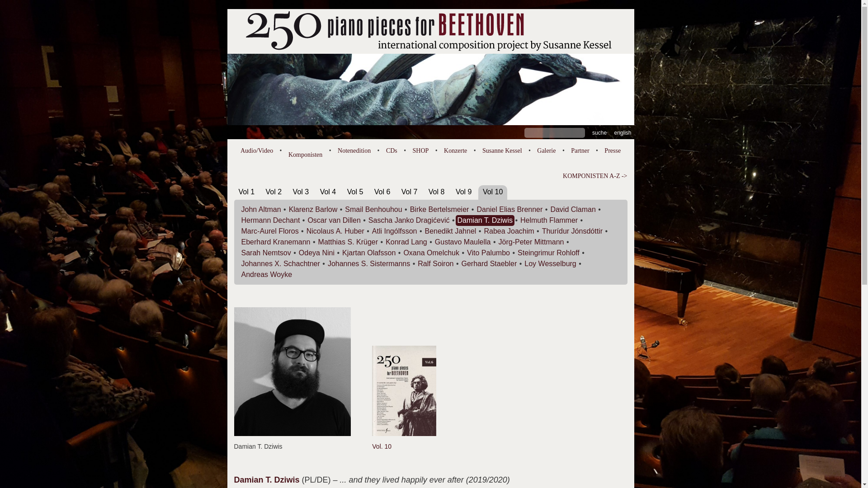 This screenshot has height=488, width=868. Describe the element at coordinates (509, 209) in the screenshot. I see `'Daniel Elias Brenner'` at that location.